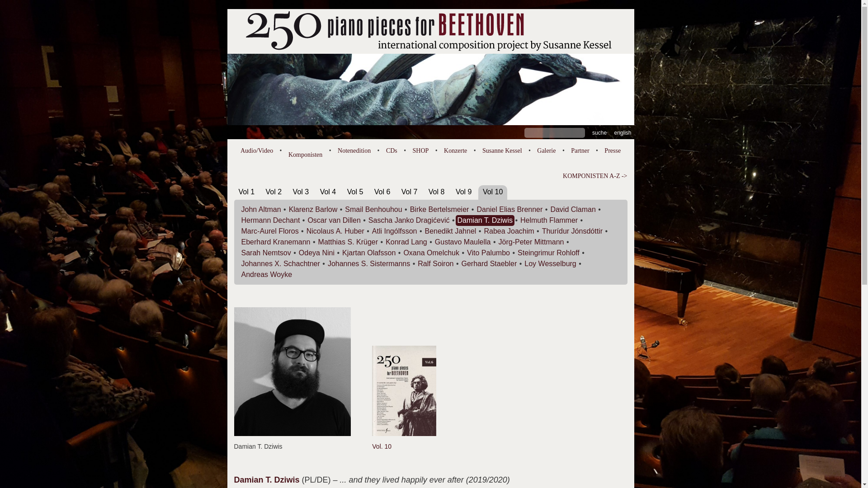 This screenshot has height=488, width=868. Describe the element at coordinates (509, 209) in the screenshot. I see `'Daniel Elias Brenner'` at that location.